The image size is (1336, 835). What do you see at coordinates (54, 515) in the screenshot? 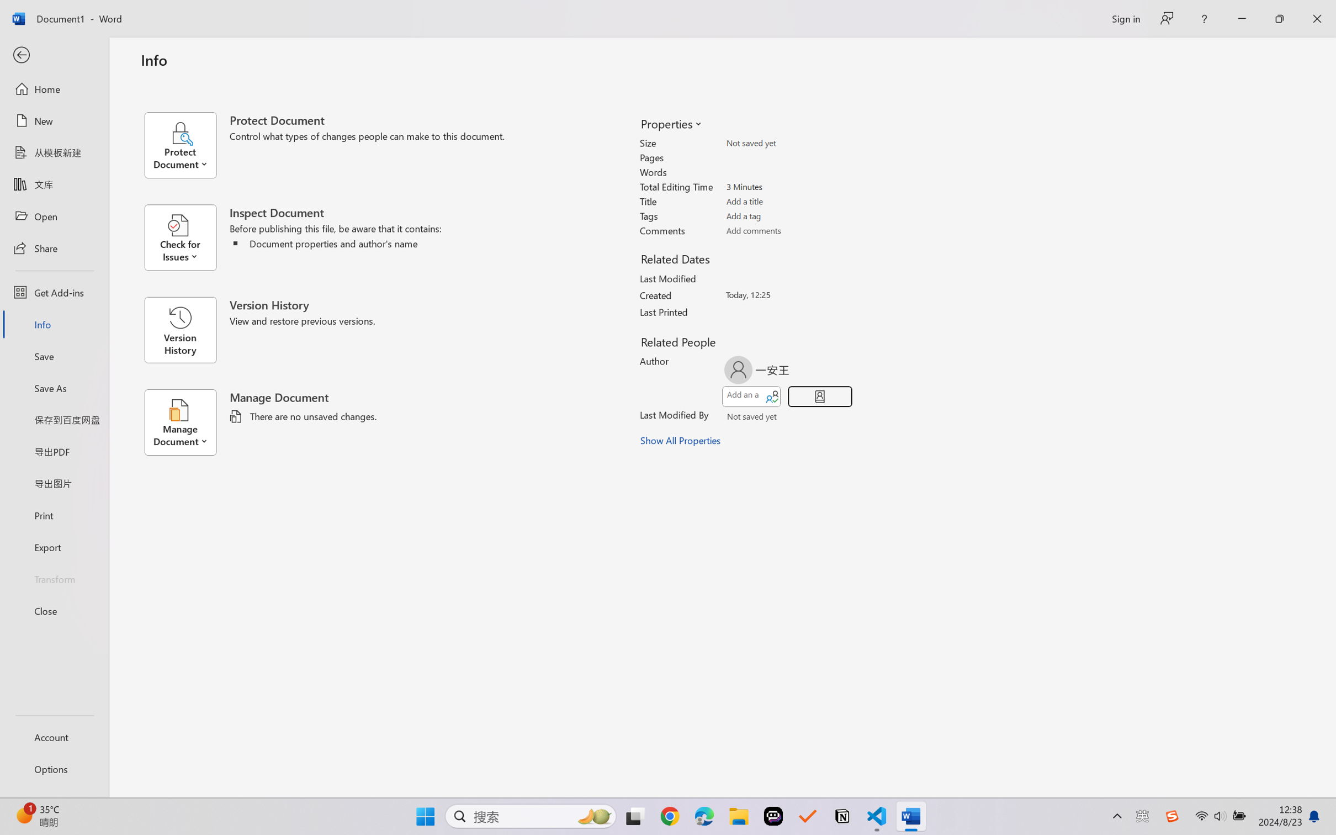
I see `'Print'` at bounding box center [54, 515].